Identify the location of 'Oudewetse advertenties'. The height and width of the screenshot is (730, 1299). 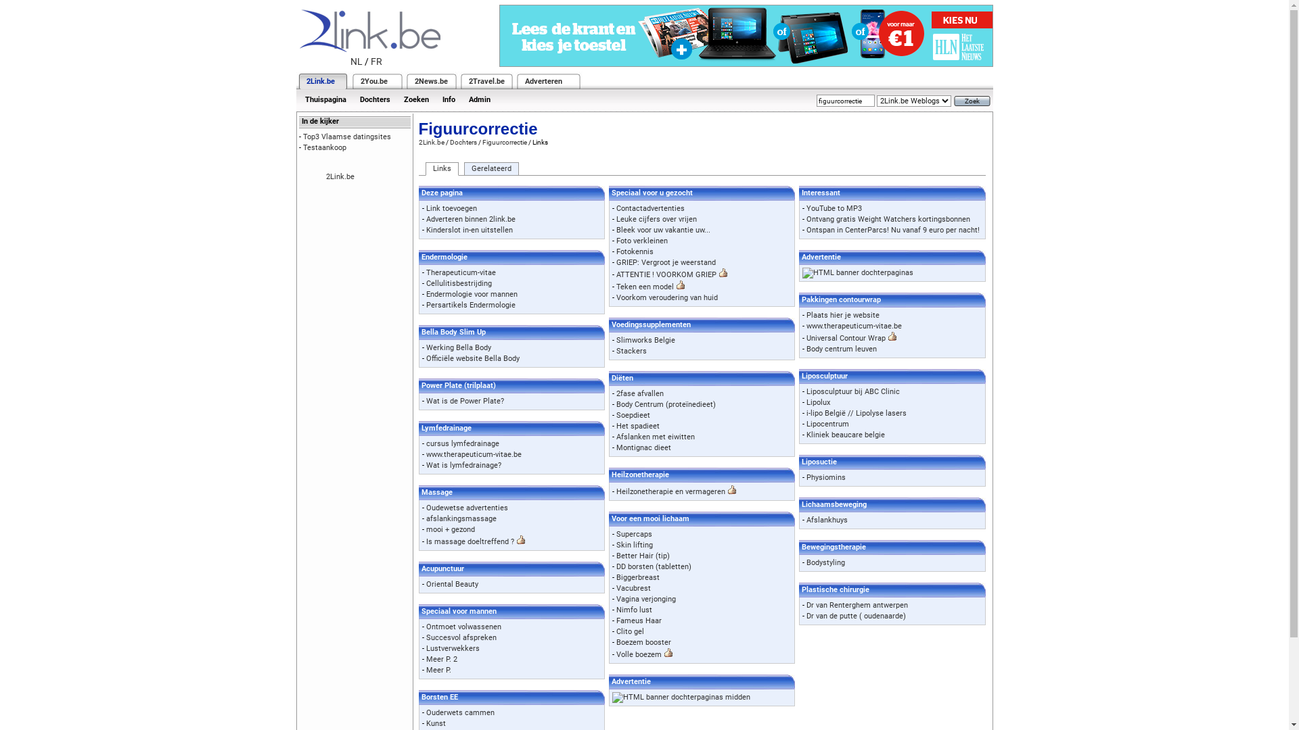
(467, 508).